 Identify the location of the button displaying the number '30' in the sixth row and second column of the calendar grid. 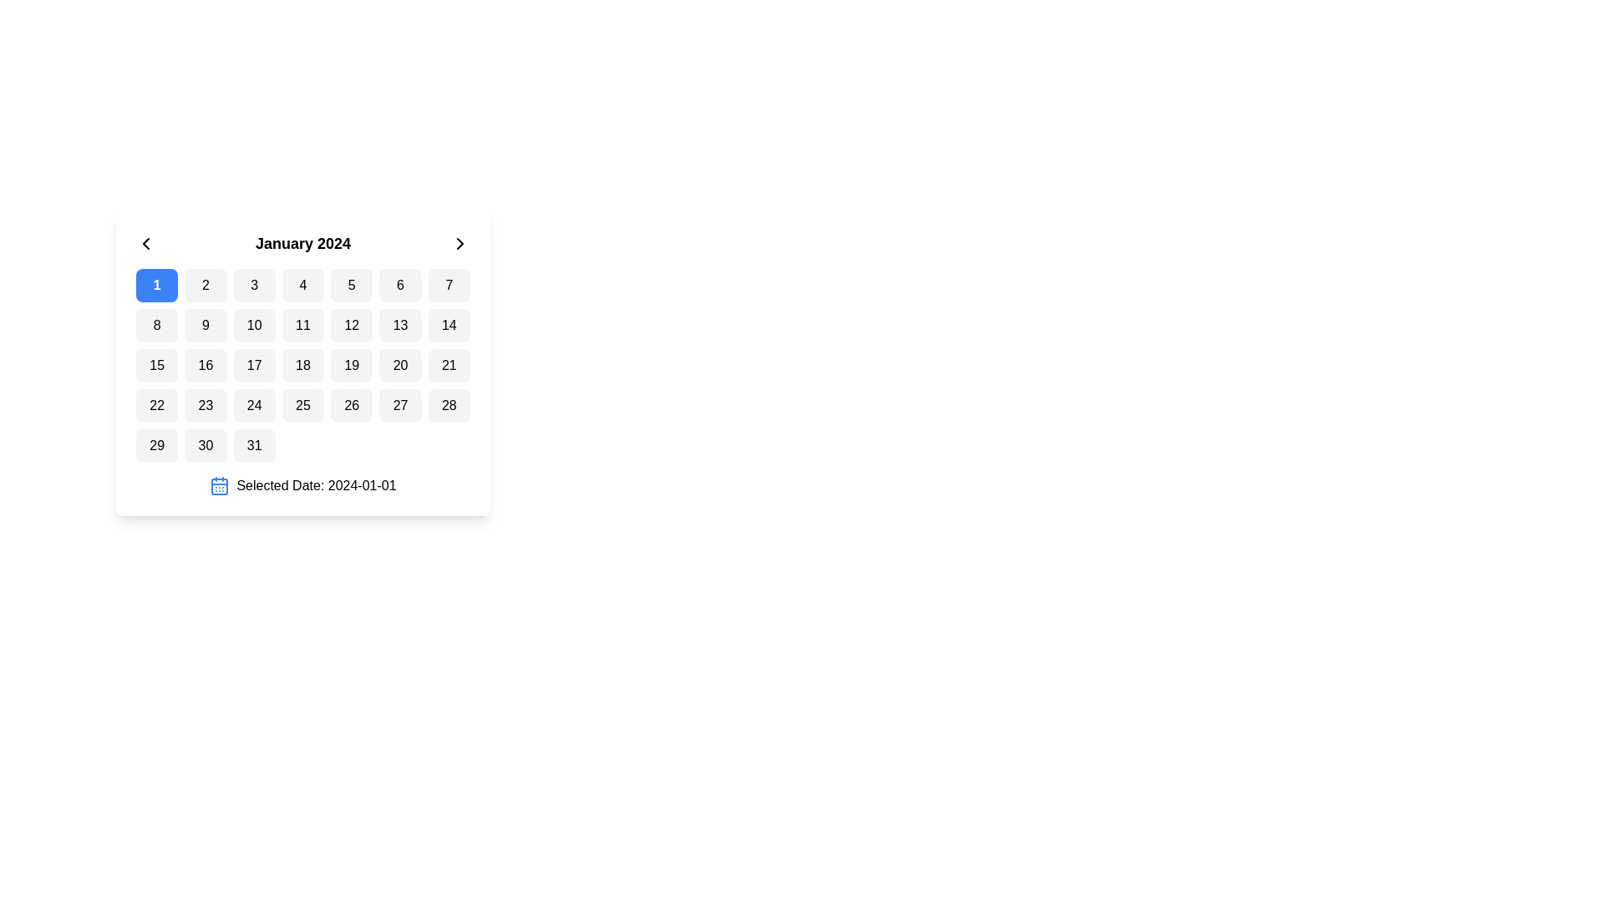
(204, 444).